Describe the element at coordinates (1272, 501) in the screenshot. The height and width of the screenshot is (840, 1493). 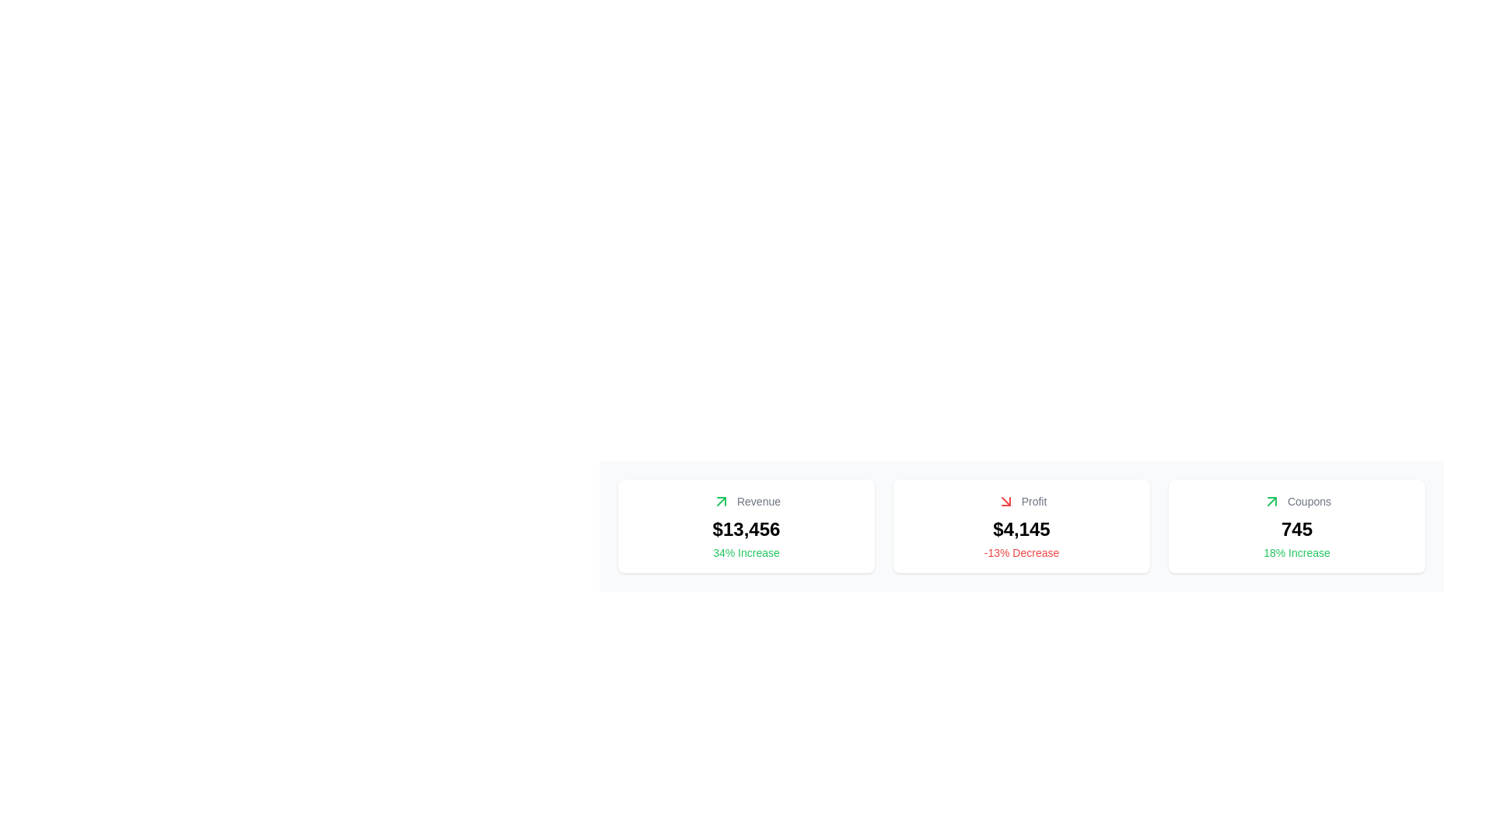
I see `the positive trend icon located at the top-left corner of the Coupons card, closely aligned with the text 'Coupons'` at that location.